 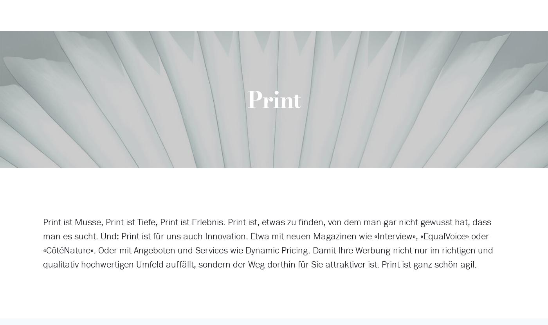 I want to click on 'Dynamic Pricing', so click(x=240, y=37).